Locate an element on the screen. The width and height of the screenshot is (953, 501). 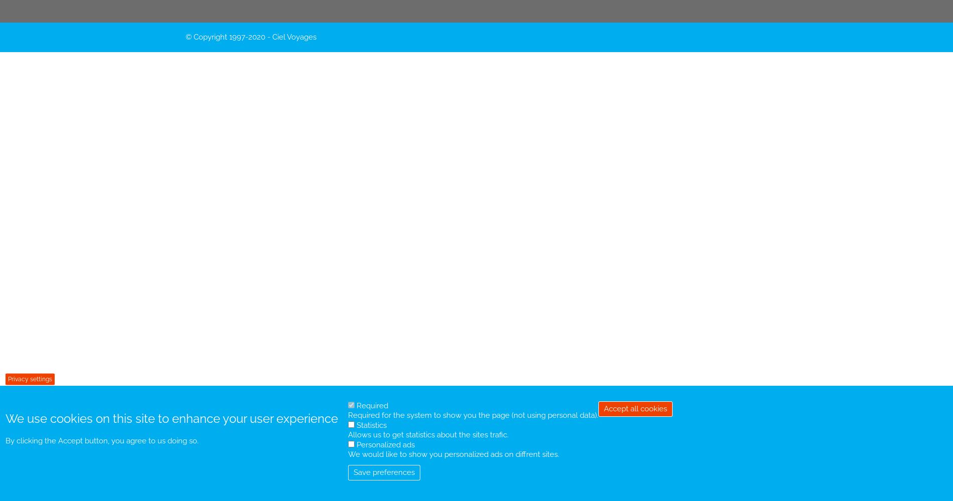
'We use cookies on this site to enhance your user experience' is located at coordinates (171, 417).